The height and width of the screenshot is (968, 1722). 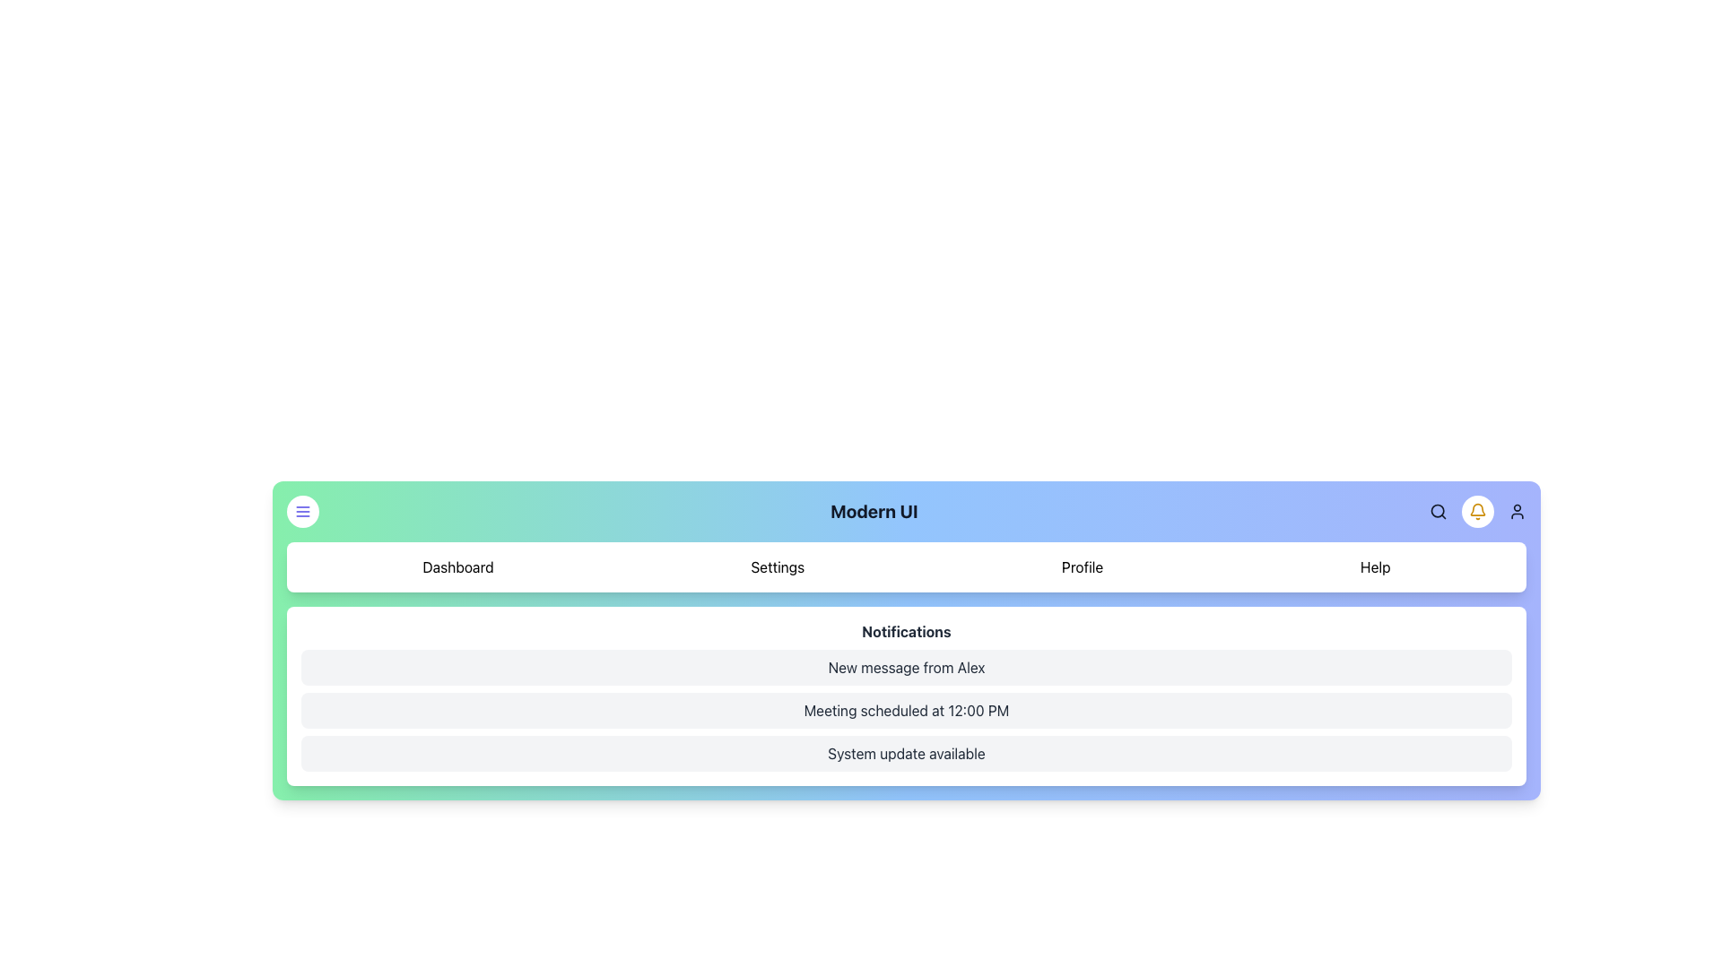 I want to click on the 'Settings' text link, which is the second item in the top navigation bar of the application, so click(x=778, y=566).